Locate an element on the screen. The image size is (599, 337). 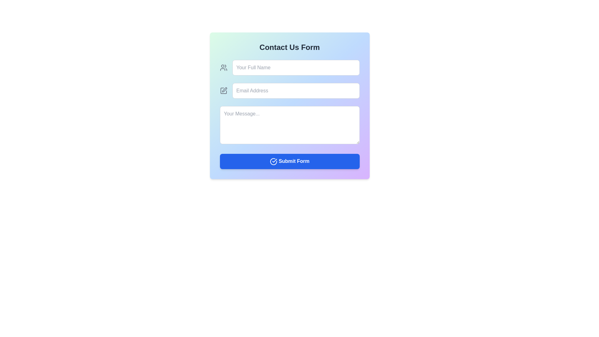
the editing icon located to the left of the email input field in the contact form interface is located at coordinates (224, 90).